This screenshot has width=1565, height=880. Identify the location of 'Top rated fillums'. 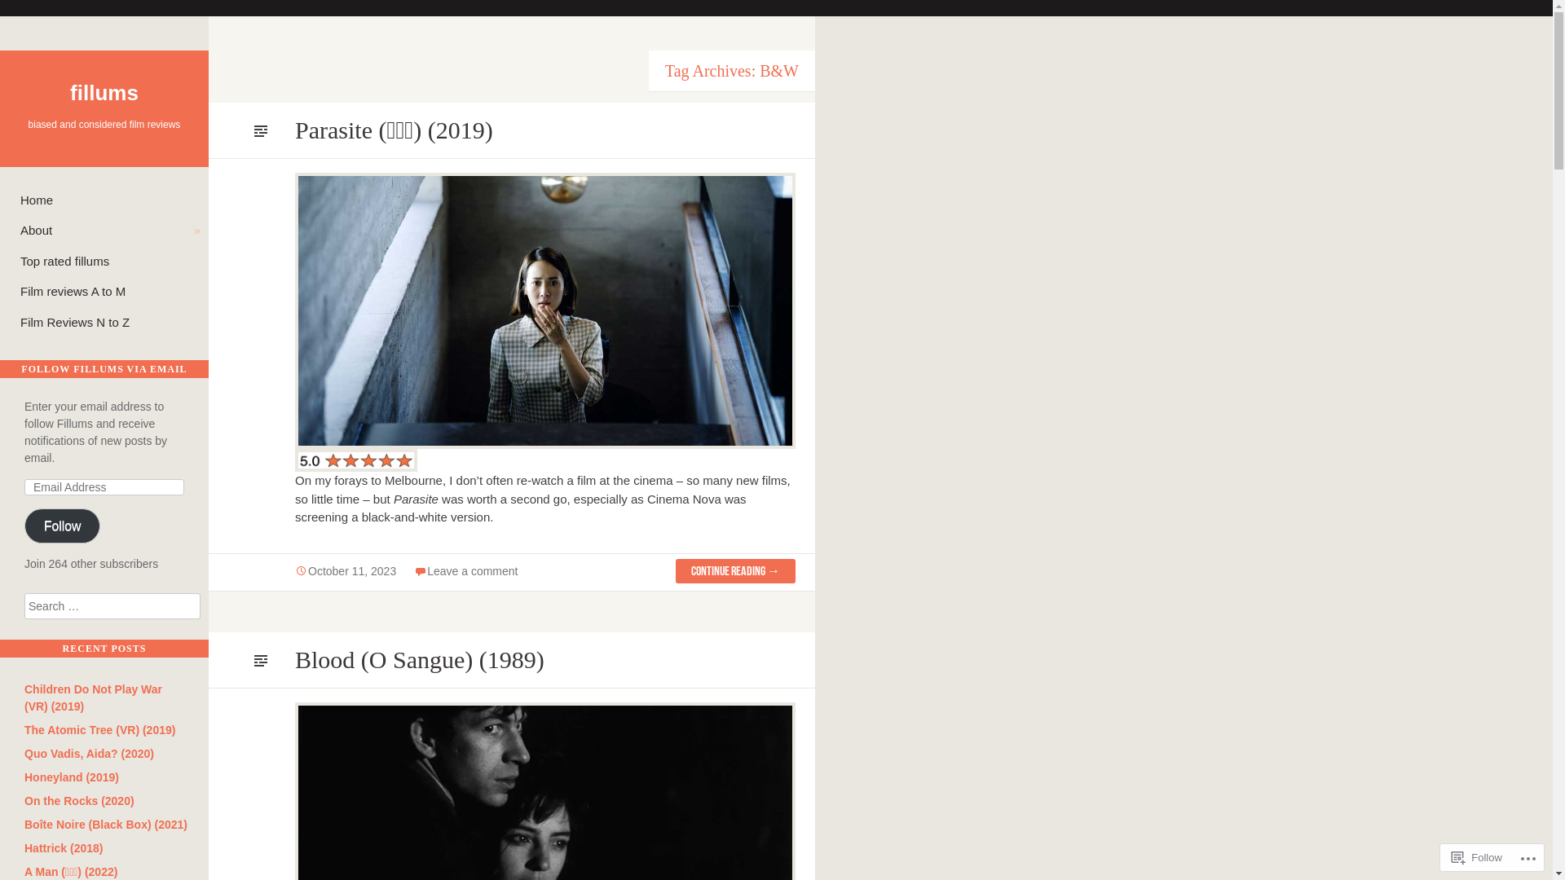
(109, 261).